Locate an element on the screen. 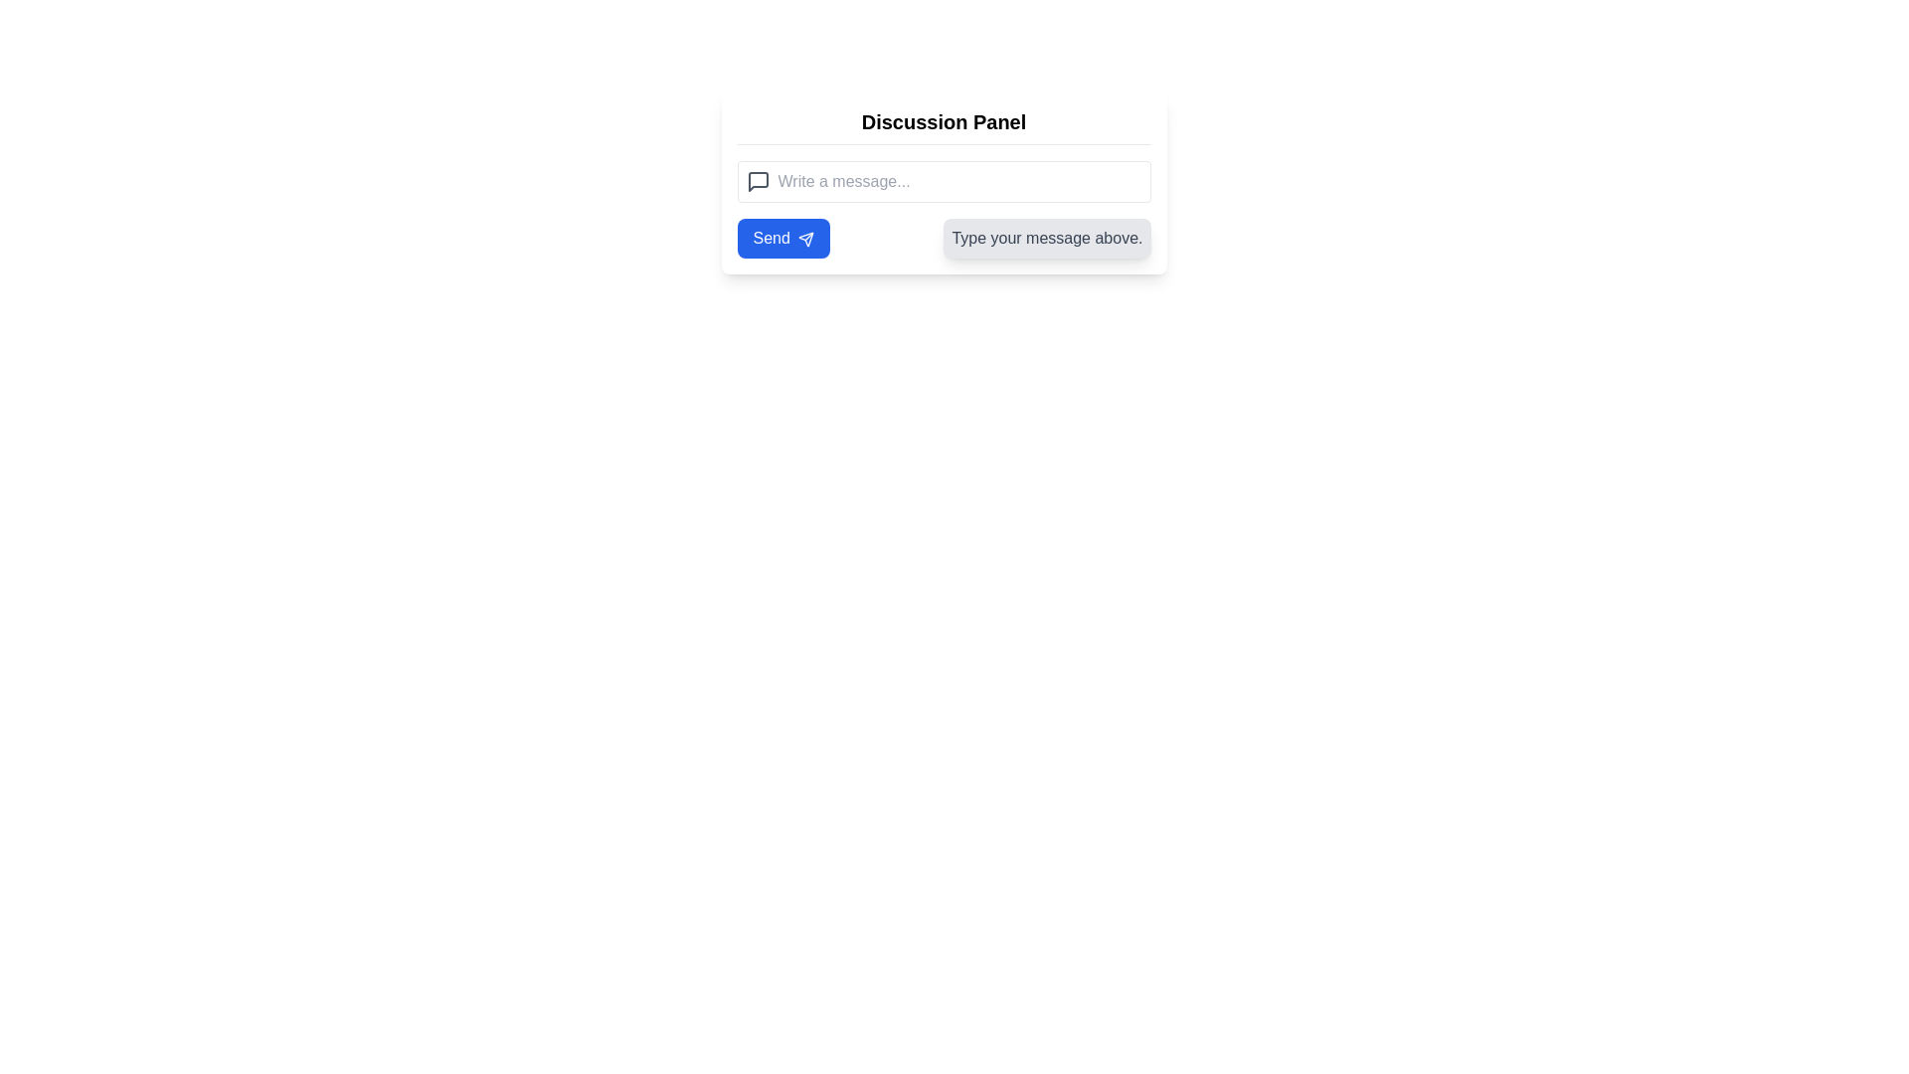  the button that sends a message, located to the left of the gray block containing the text 'Type your message above.' is located at coordinates (782, 237).